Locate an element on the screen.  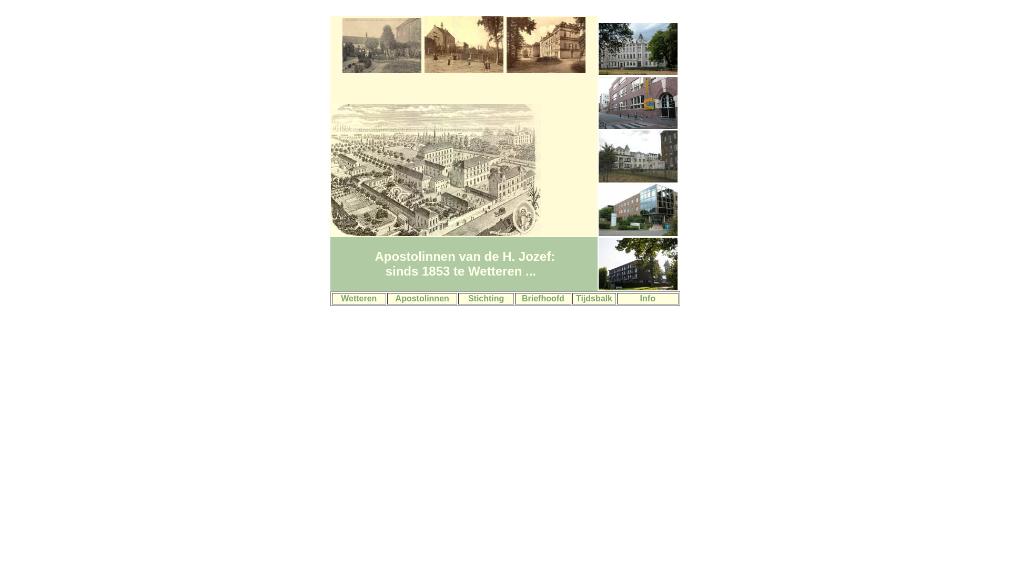
'Wetteren' is located at coordinates (358, 298).